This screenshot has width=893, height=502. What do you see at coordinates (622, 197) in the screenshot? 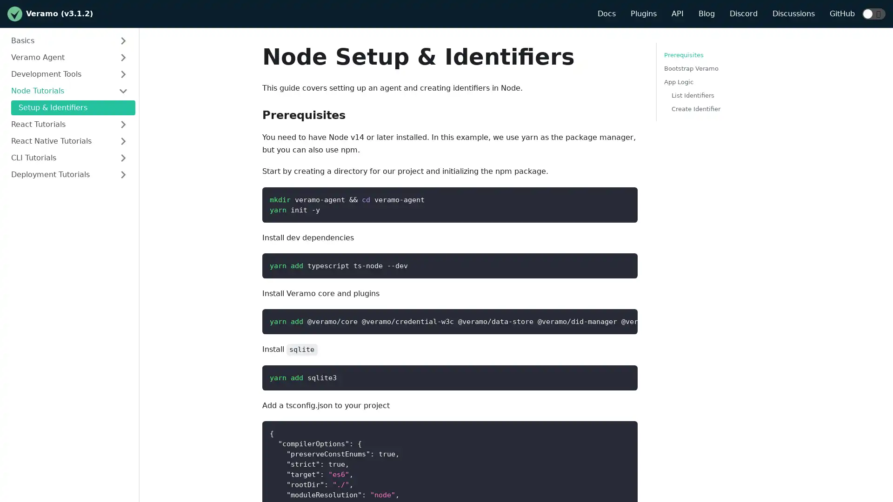
I see `Copy code to clipboard` at bounding box center [622, 197].